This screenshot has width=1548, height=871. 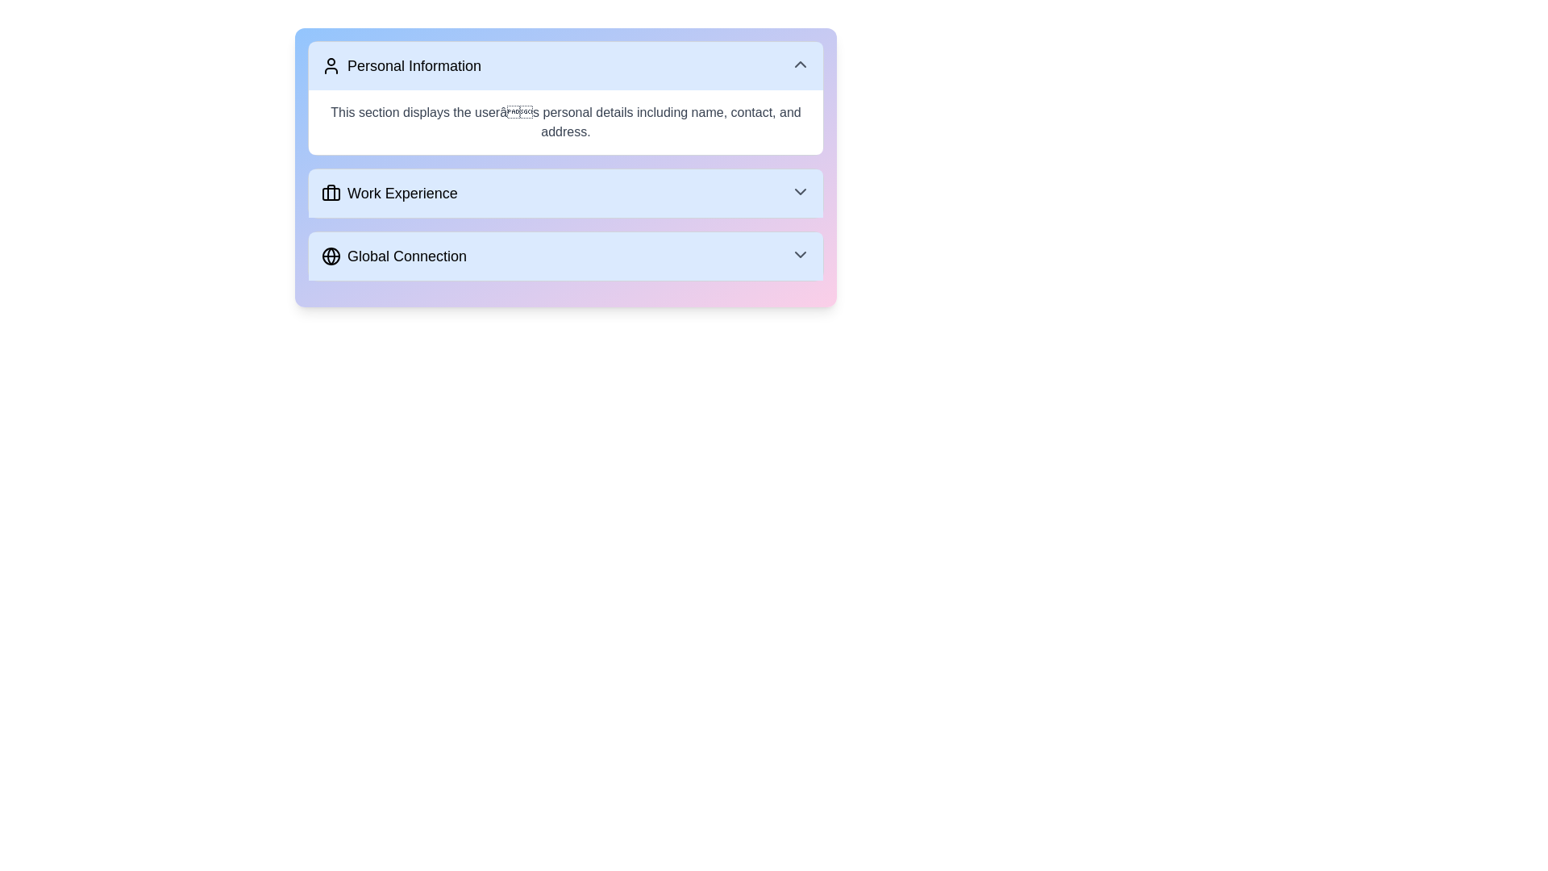 What do you see at coordinates (331, 255) in the screenshot?
I see `the globe icon graphic component in the 'Global Connection' section, which is positioned to the left of the section's label` at bounding box center [331, 255].